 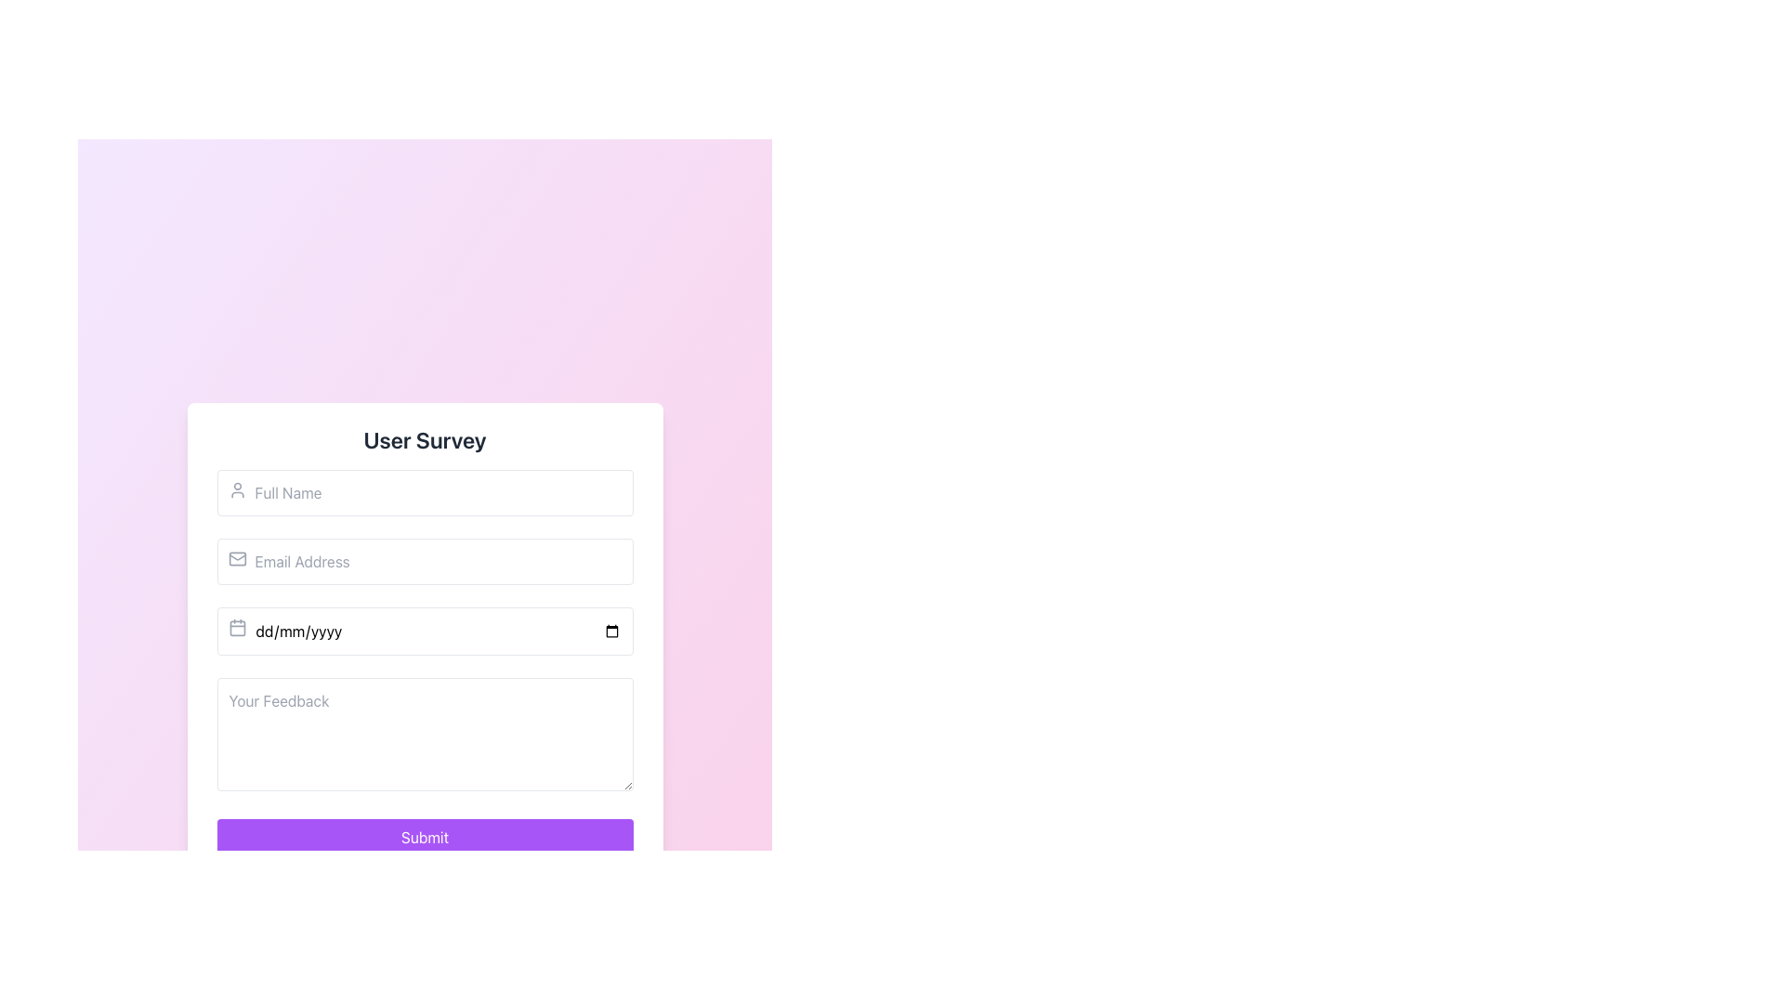 What do you see at coordinates (236, 557) in the screenshot?
I see `the Envelope Inner Part icon, which resembles the front face of an envelope and is centrally located within the email icon` at bounding box center [236, 557].